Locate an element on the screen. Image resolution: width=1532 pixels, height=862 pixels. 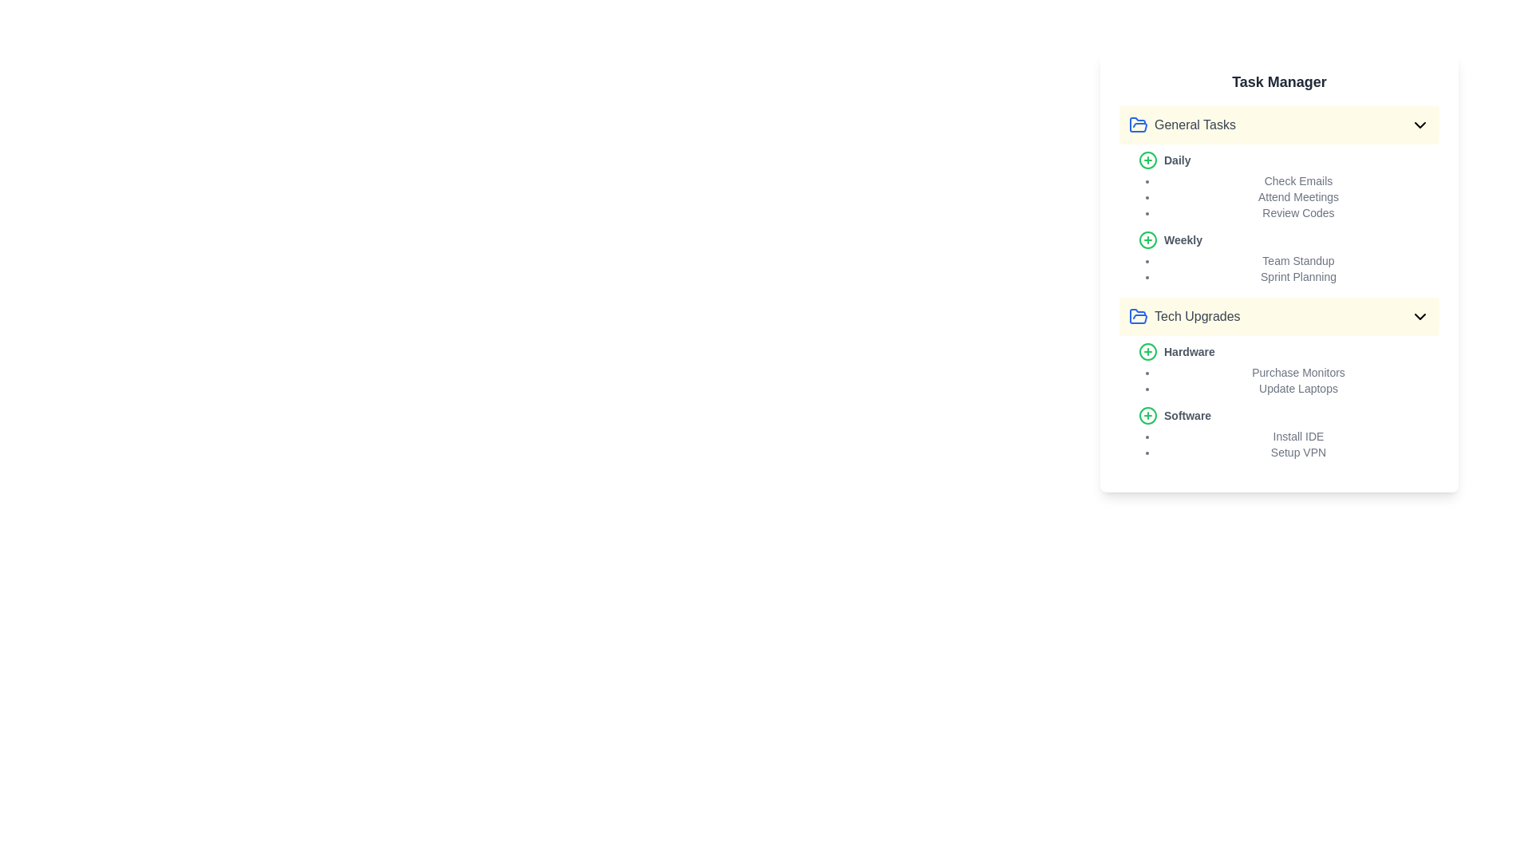
a task in the 'Daily' or 'Weekly' list group is located at coordinates (1279, 218).